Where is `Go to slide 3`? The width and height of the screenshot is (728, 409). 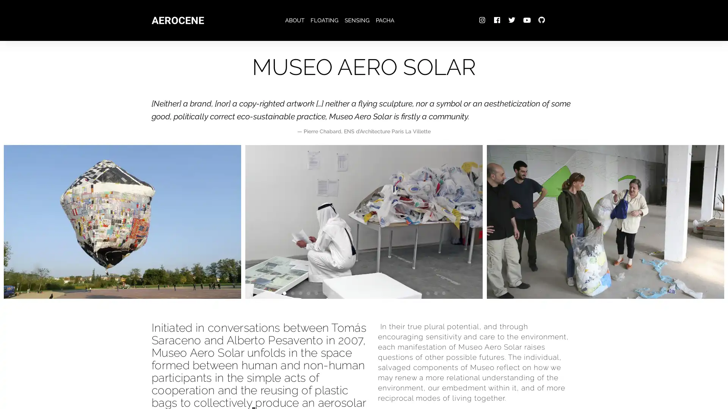 Go to slide 3 is located at coordinates (300, 293).